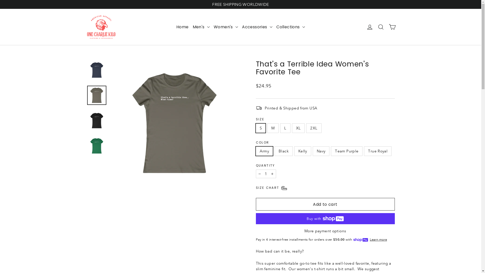 This screenshot has height=273, width=485. What do you see at coordinates (290, 27) in the screenshot?
I see `'Collections'` at bounding box center [290, 27].